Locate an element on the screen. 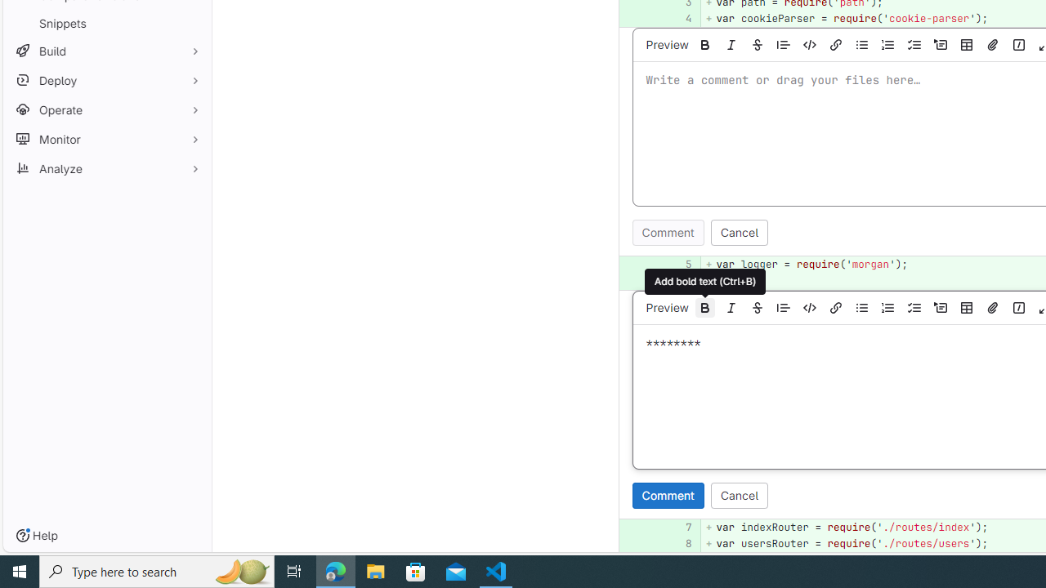 The width and height of the screenshot is (1046, 588). 'Insert code' is located at coordinates (810, 307).